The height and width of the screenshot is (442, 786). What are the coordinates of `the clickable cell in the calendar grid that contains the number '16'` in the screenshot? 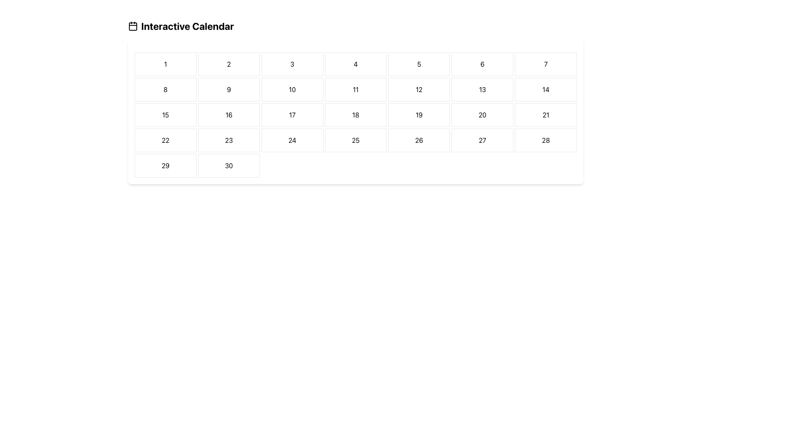 It's located at (229, 115).